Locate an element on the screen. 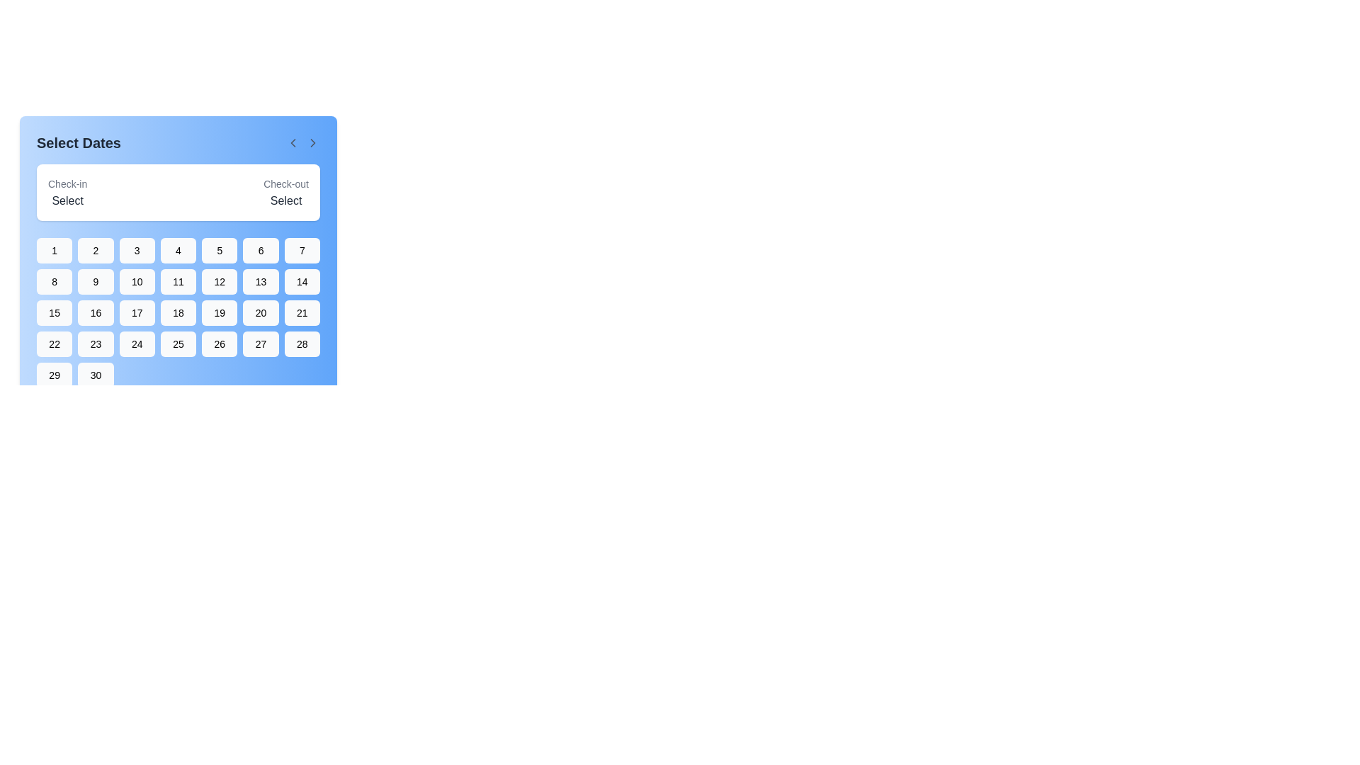 The image size is (1360, 765). the button labeled '29' for potential reordering in the date picker interface is located at coordinates (55, 374).